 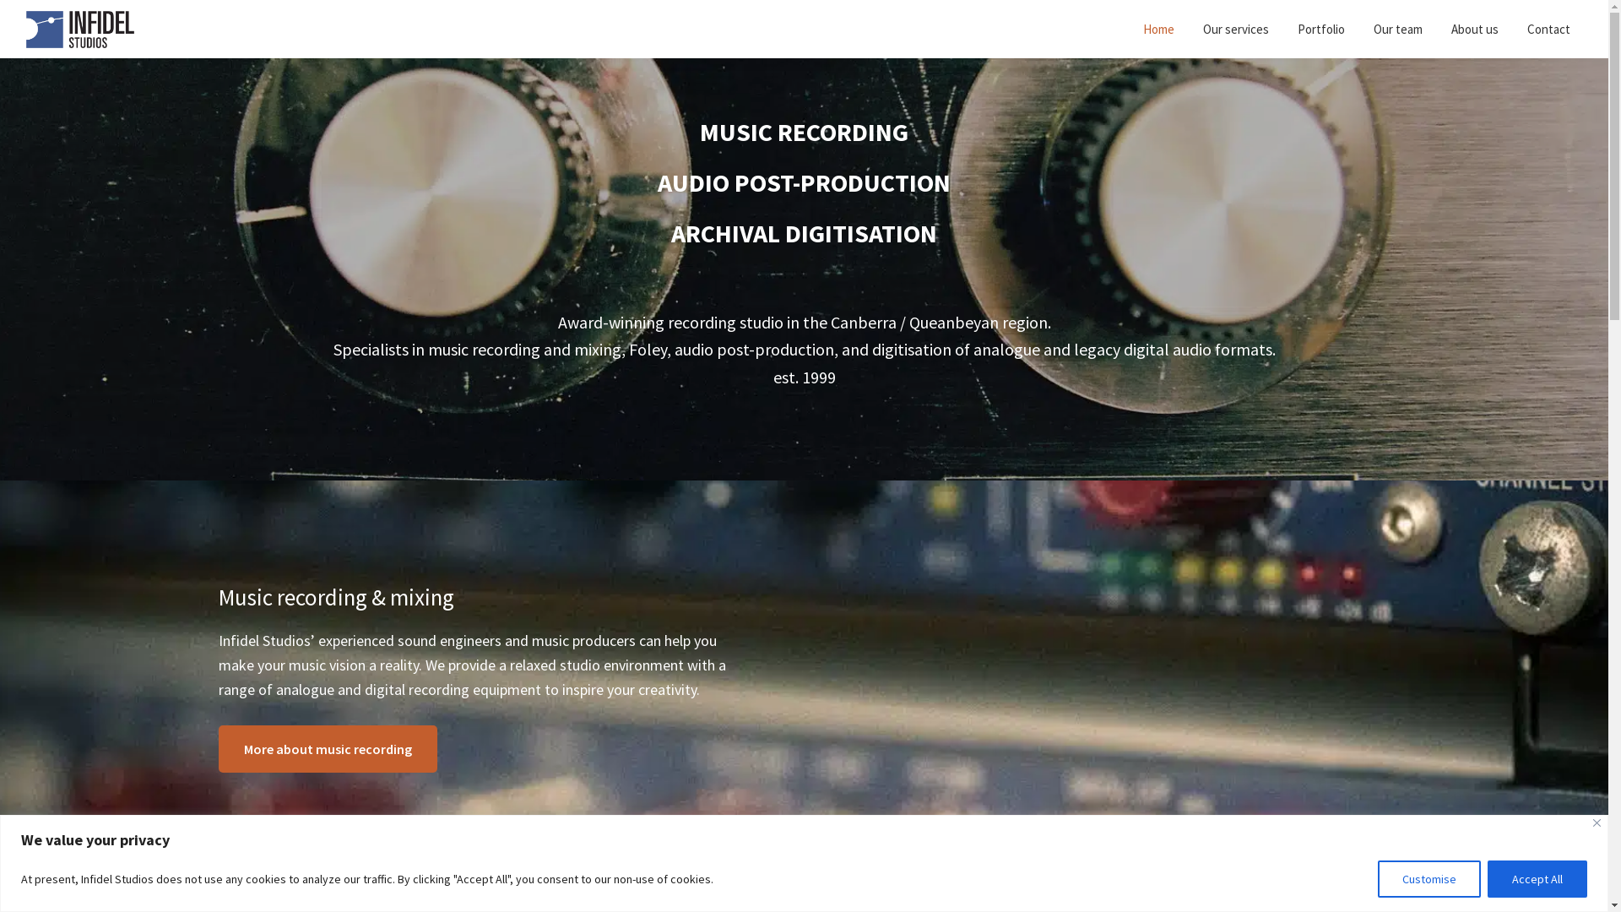 I want to click on 'Contact', so click(x=1515, y=29).